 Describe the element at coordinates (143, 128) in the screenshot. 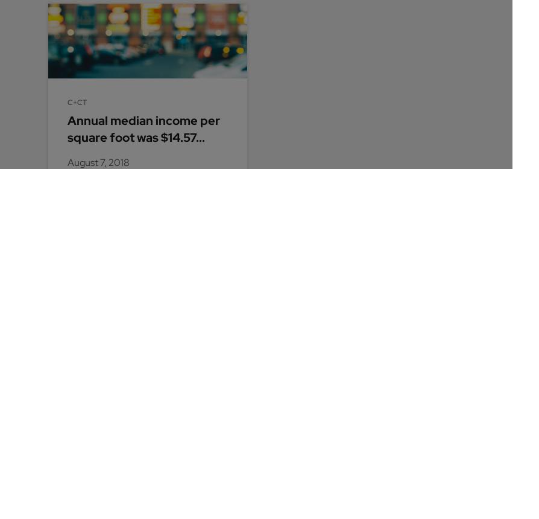

I see `'Annual median income per square foot was $14.57...'` at that location.